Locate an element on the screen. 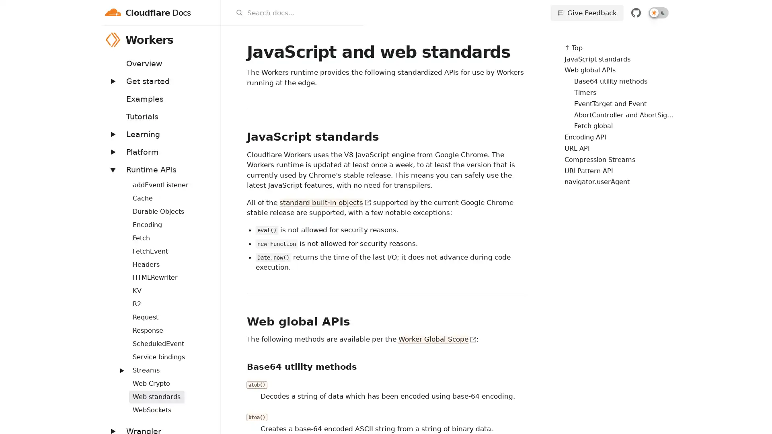  Expand: Runtime APIs is located at coordinates (112, 169).